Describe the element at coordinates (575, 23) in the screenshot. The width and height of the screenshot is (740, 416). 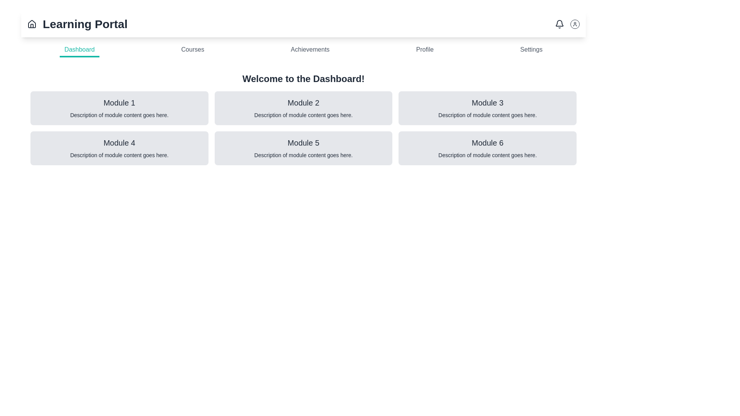
I see `the circular user profile icon located in the top-right corner of the interface` at that location.